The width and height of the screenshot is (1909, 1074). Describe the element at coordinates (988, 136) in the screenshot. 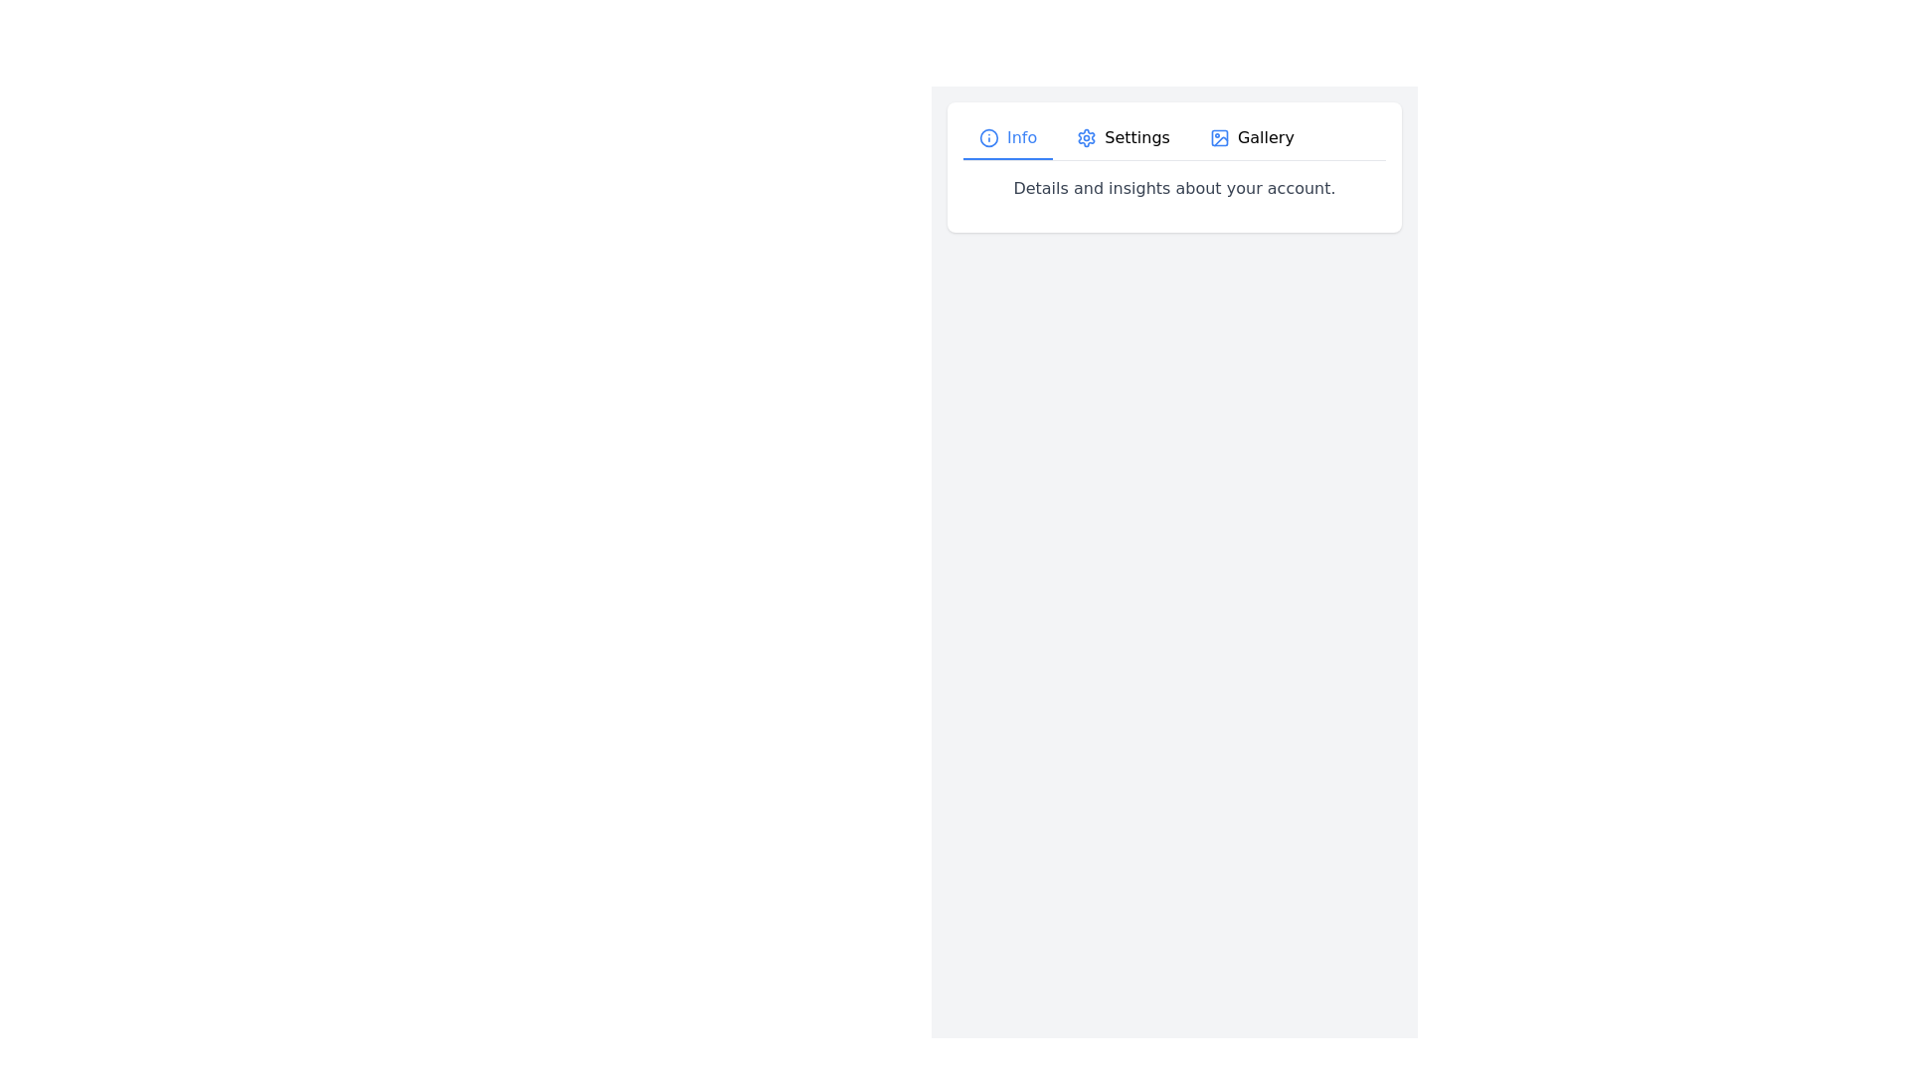

I see `the informational icon located to the left of the 'Info' label in the tab section of the navigation bar` at that location.